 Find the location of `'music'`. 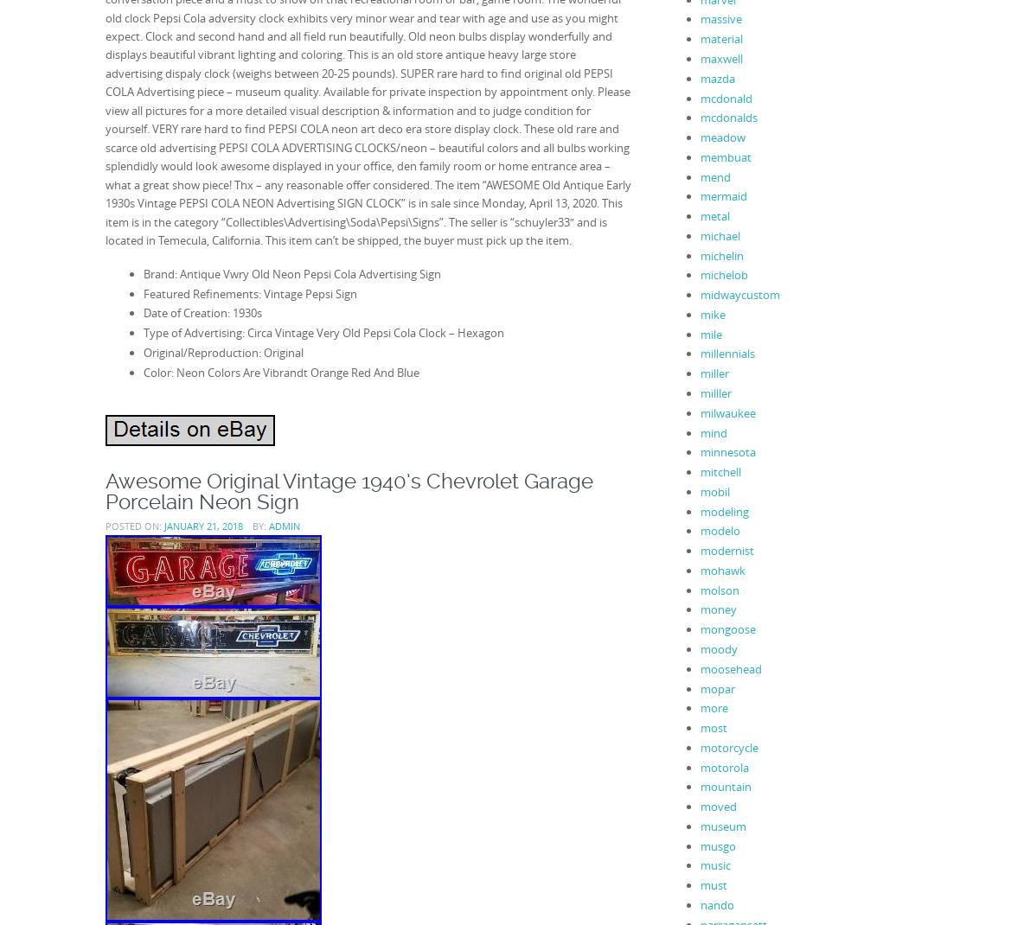

'music' is located at coordinates (714, 864).